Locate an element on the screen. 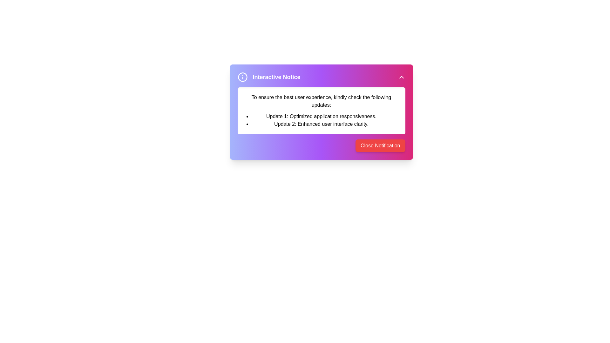 The width and height of the screenshot is (610, 343). the alert icon to interact with it is located at coordinates (242, 77).